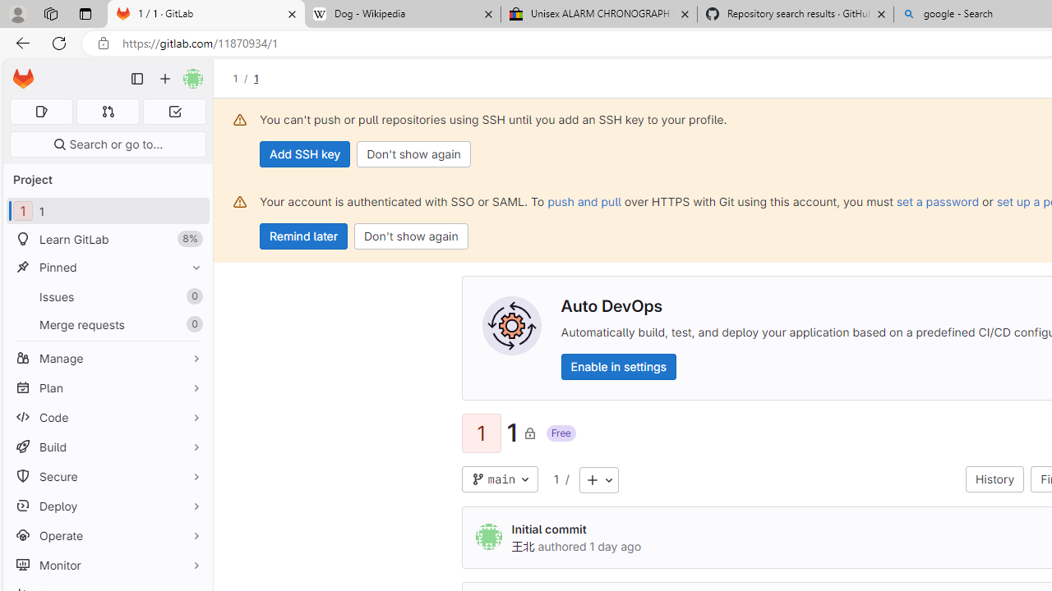  Describe the element at coordinates (403, 14) in the screenshot. I see `'Dog - Wikipedia'` at that location.